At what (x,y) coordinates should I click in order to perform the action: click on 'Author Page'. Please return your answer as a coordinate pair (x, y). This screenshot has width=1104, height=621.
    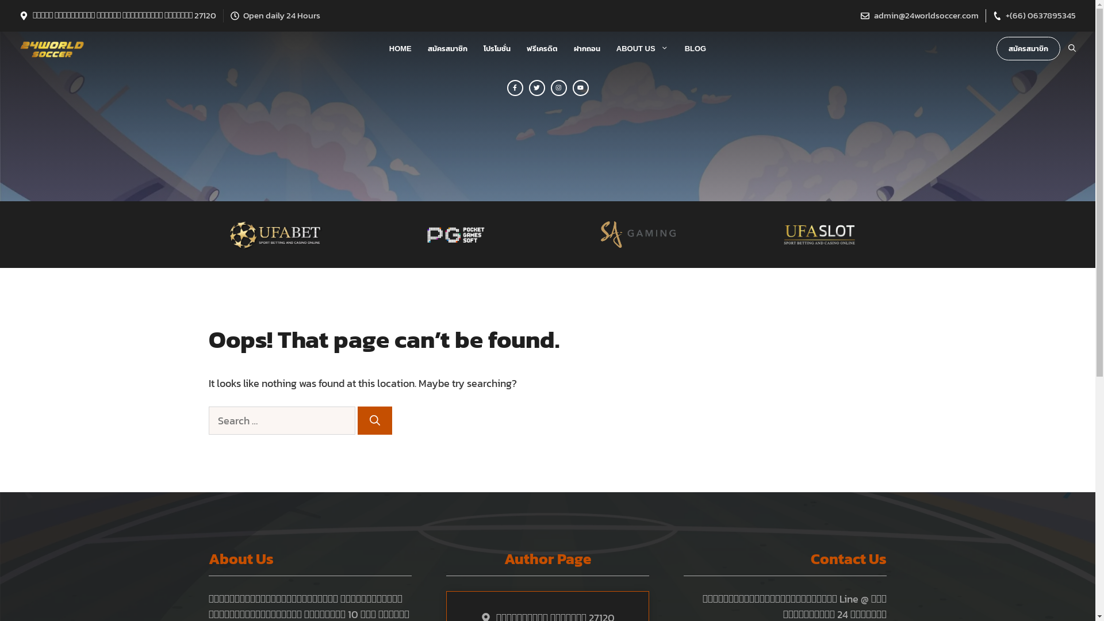
    Looking at the image, I should click on (504, 558).